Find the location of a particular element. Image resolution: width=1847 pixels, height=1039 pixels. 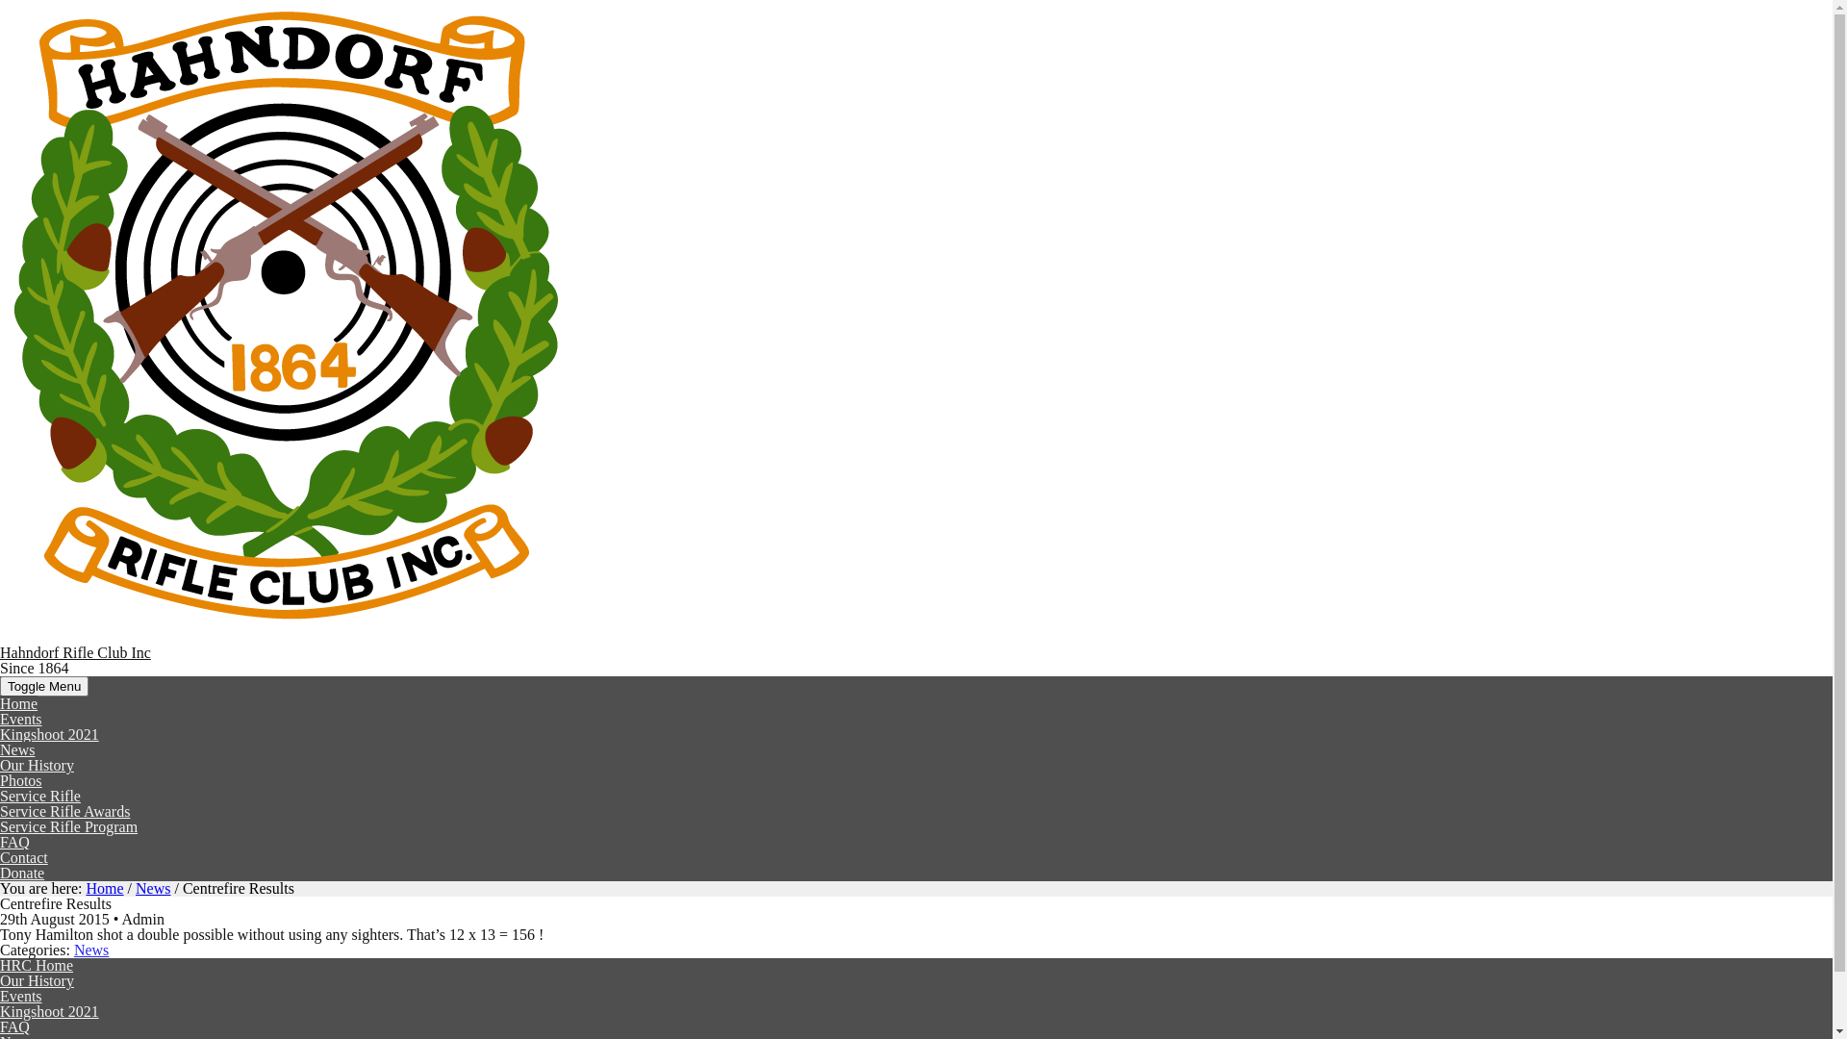

'Service Rifle Awards' is located at coordinates (64, 811).